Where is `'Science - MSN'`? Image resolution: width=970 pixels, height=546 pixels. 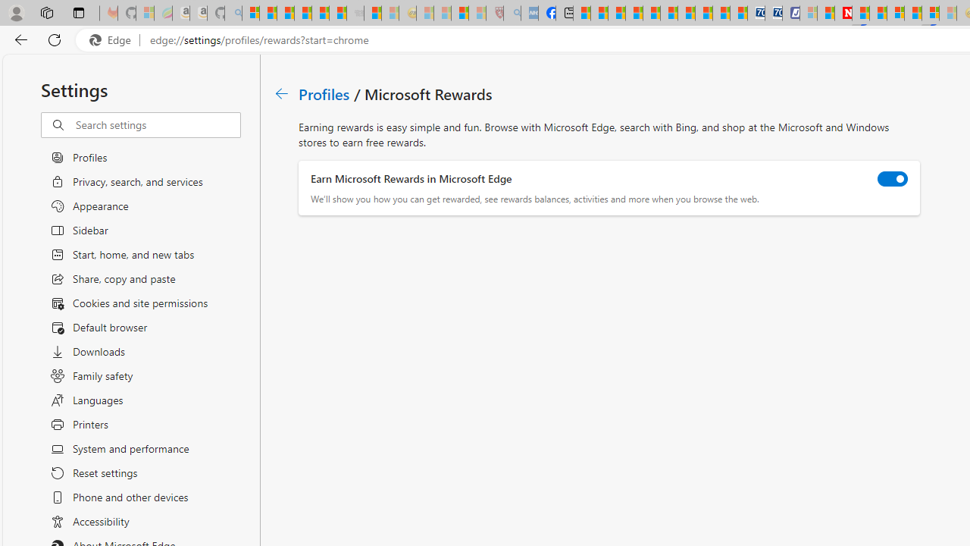 'Science - MSN' is located at coordinates (459, 13).